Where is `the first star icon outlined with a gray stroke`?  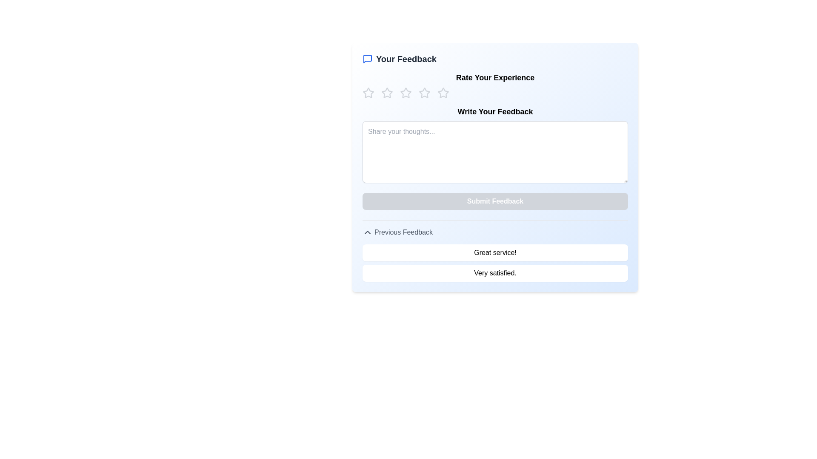 the first star icon outlined with a gray stroke is located at coordinates (368, 93).